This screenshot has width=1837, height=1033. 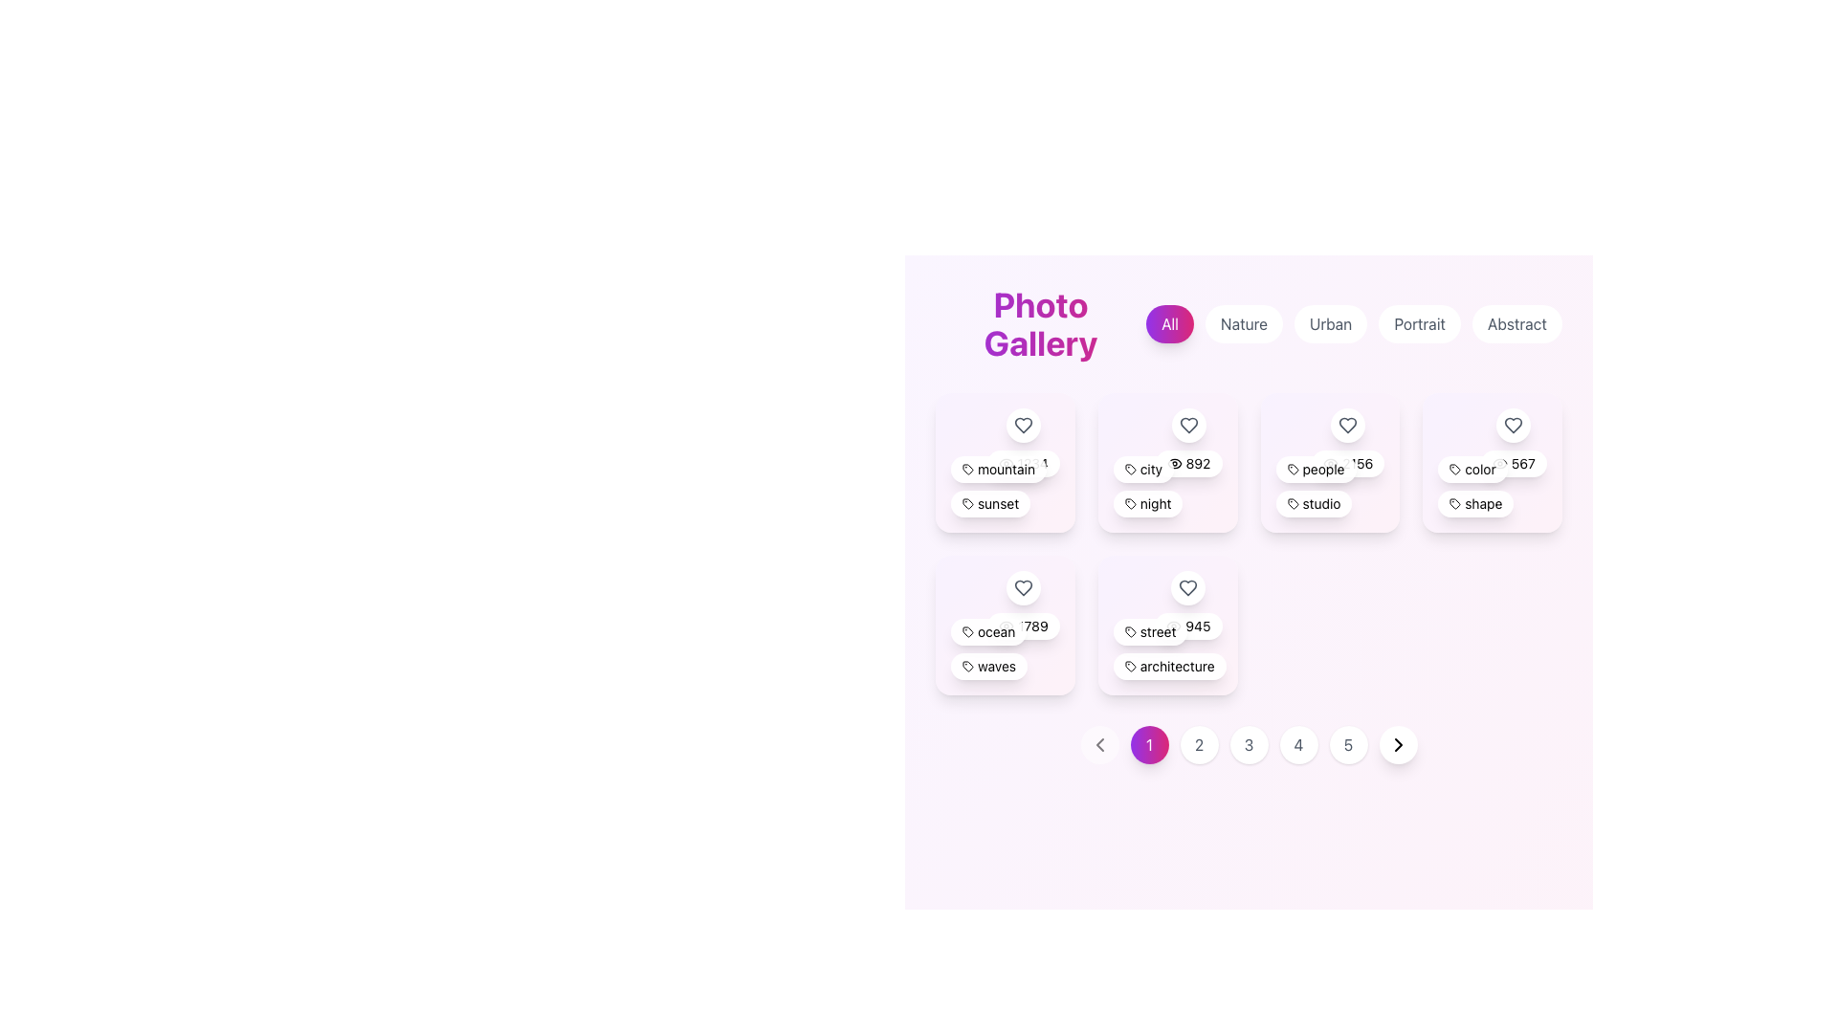 What do you see at coordinates (1398, 743) in the screenshot?
I see `the pagination icon button located to the right of the number '5' to trigger a highlight effect` at bounding box center [1398, 743].